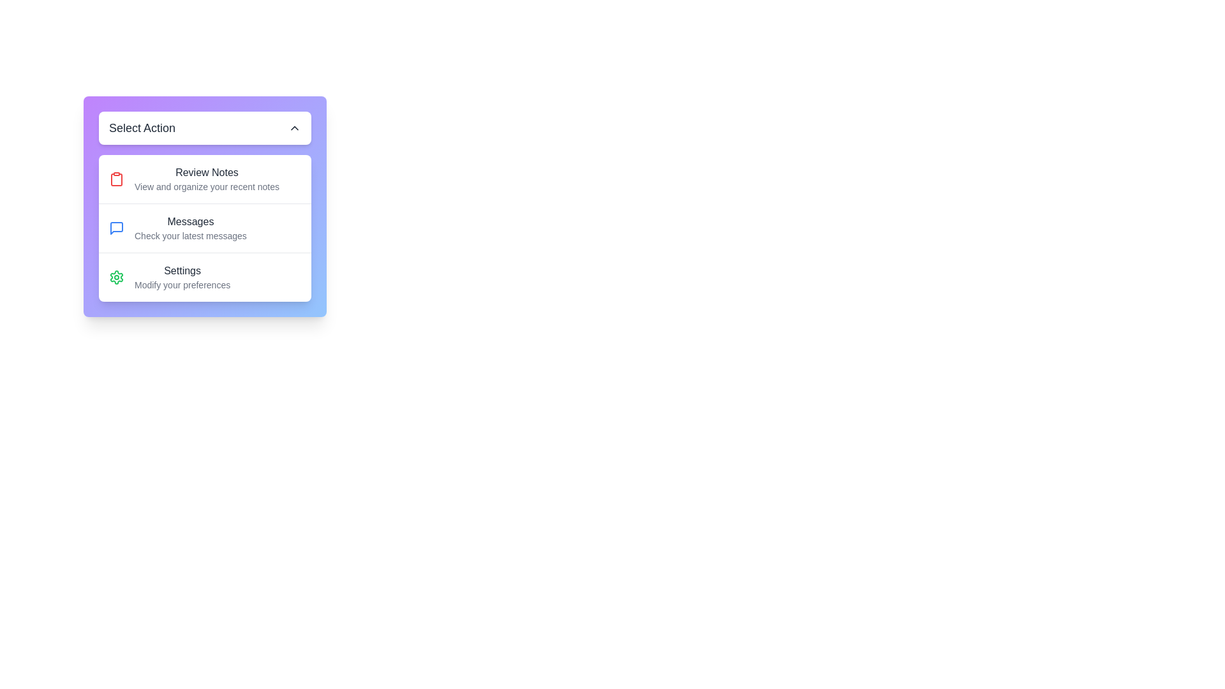 The height and width of the screenshot is (689, 1225). Describe the element at coordinates (205, 206) in the screenshot. I see `the Interactive menu or selection list element with a gradient background` at that location.